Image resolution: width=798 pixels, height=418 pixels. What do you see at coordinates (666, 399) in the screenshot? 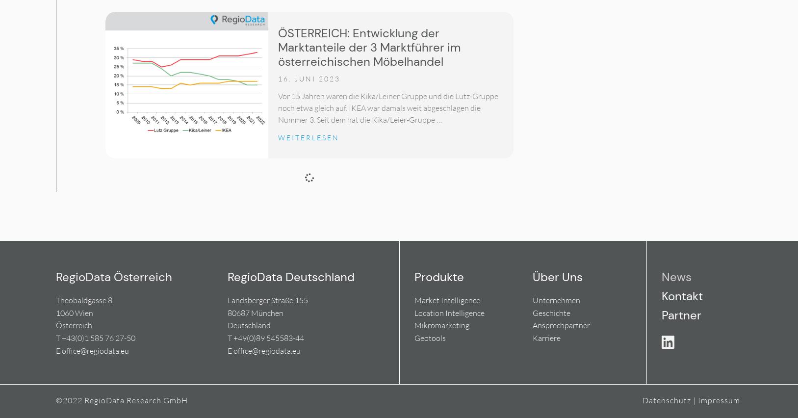
I see `'Datenschutz'` at bounding box center [666, 399].